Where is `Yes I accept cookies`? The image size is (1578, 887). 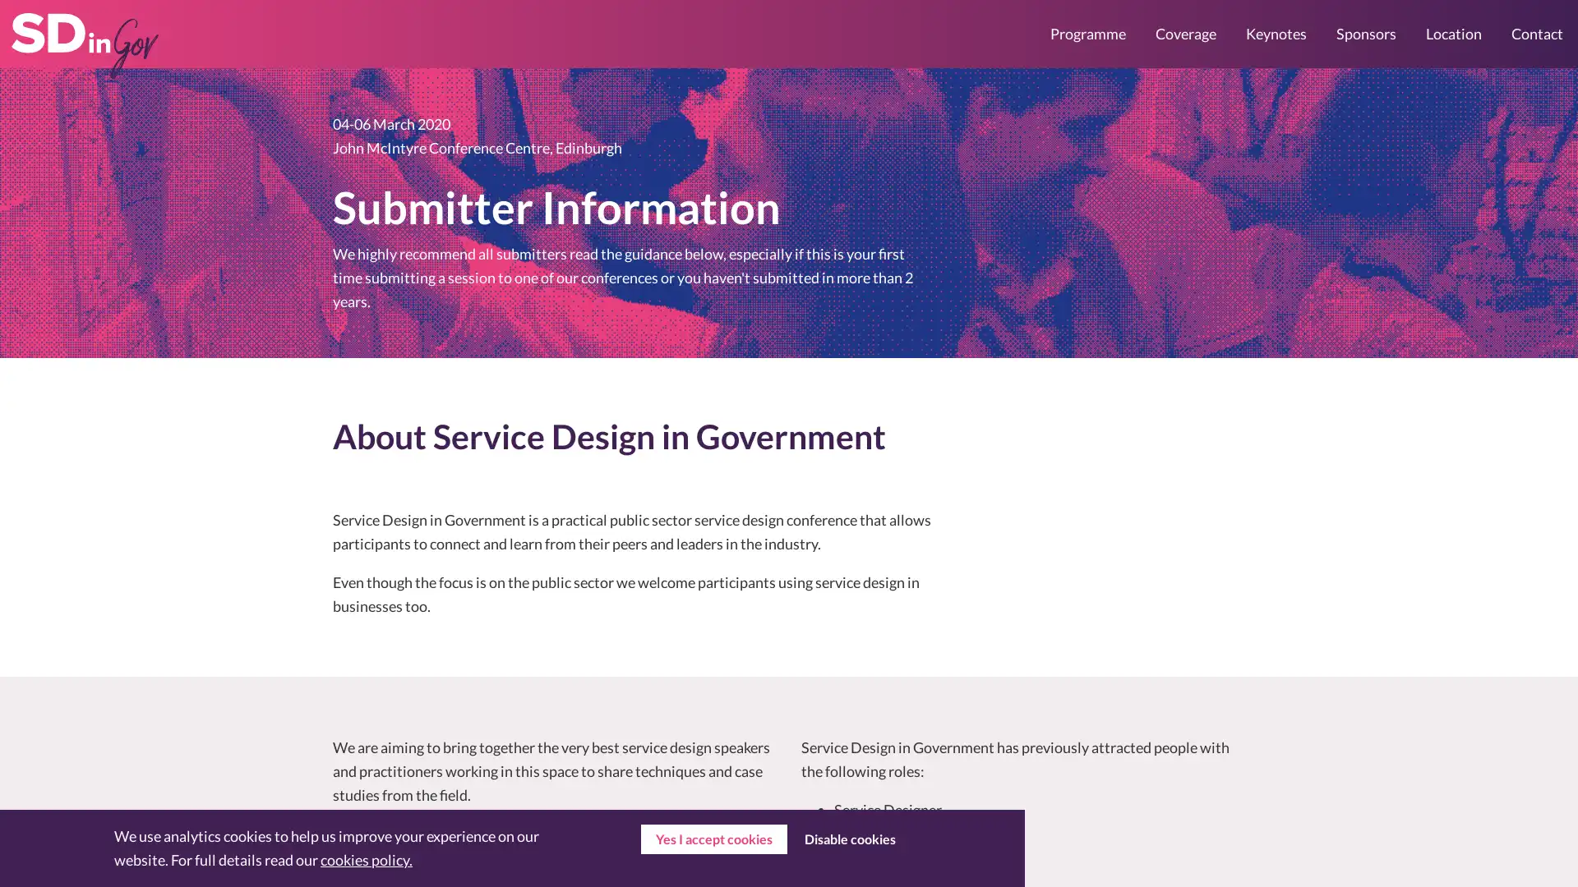 Yes I accept cookies is located at coordinates (713, 839).